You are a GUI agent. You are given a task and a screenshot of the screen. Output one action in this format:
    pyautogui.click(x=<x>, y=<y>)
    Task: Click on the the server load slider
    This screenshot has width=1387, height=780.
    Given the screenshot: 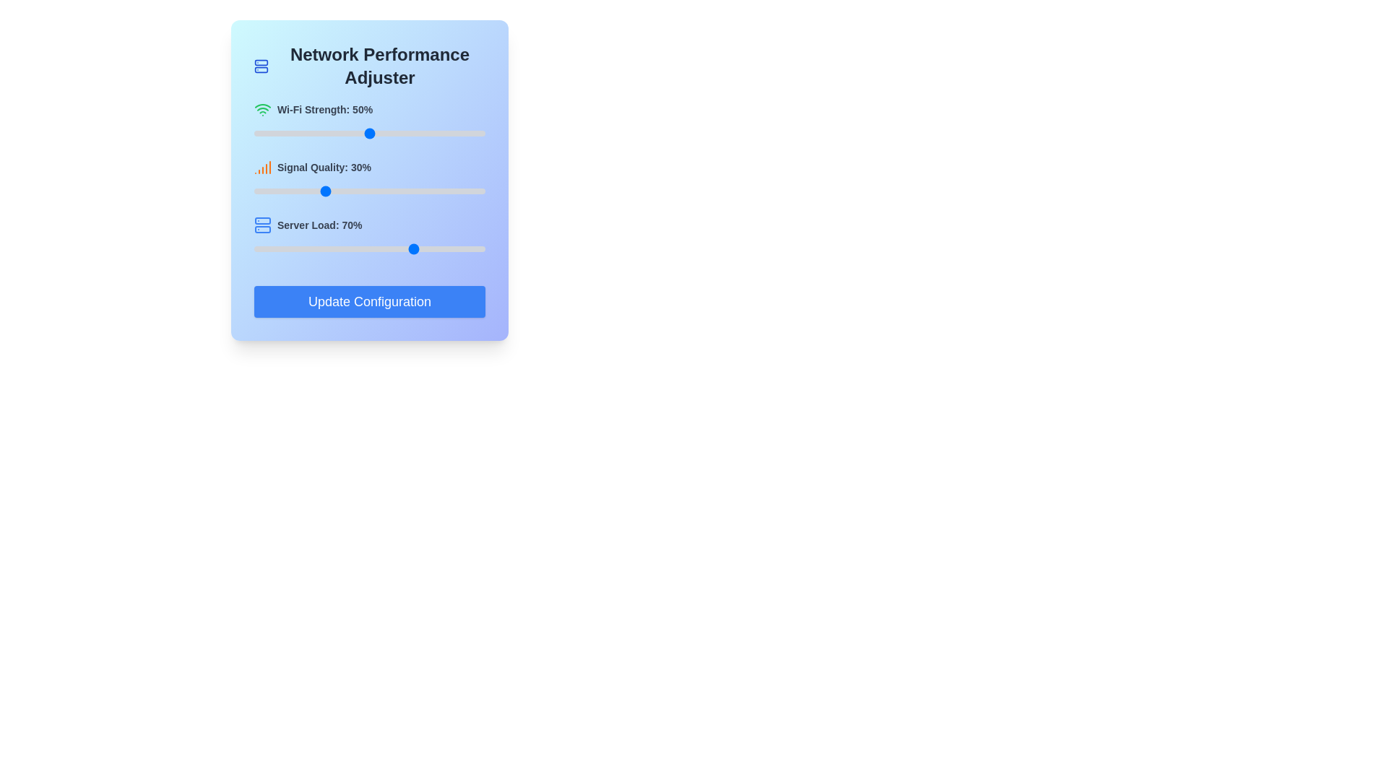 What is the action you would take?
    pyautogui.click(x=353, y=248)
    